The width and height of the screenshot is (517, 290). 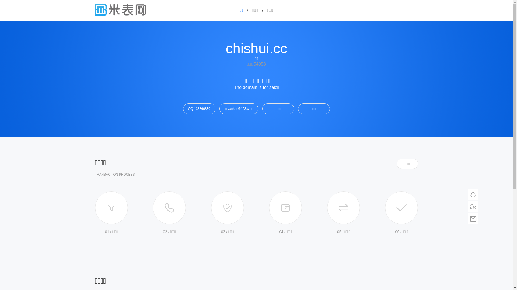 I want to click on 'QQ 138860830', so click(x=183, y=109).